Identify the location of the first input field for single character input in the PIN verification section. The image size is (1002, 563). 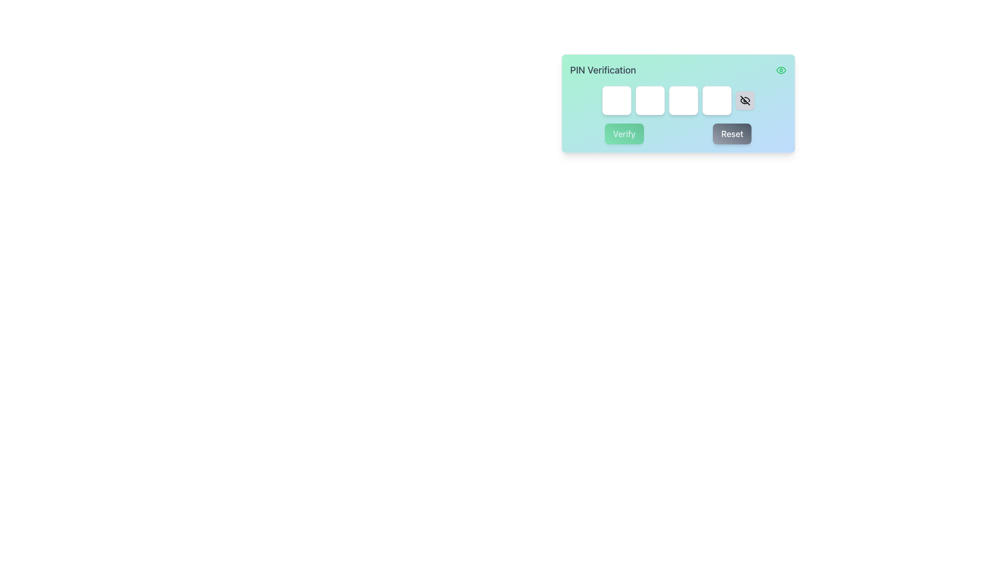
(616, 100).